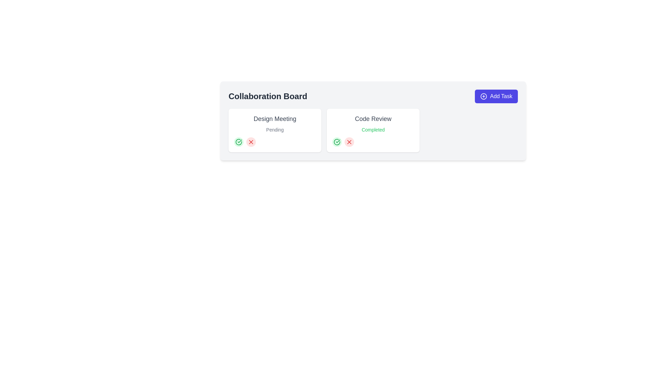 Image resolution: width=655 pixels, height=368 pixels. Describe the element at coordinates (275, 130) in the screenshot. I see `status displayed on the text label that reads 'Pending', which is styled in light gray and positioned below the 'Design Meeting' text within the card` at that location.